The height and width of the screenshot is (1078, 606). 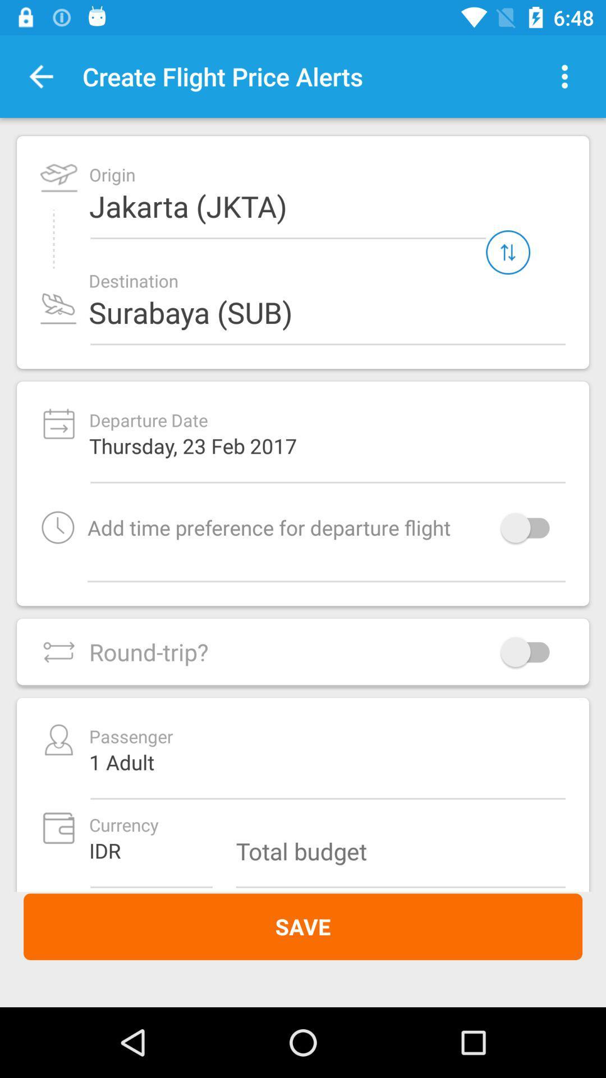 What do you see at coordinates (508, 252) in the screenshot?
I see `change origin` at bounding box center [508, 252].